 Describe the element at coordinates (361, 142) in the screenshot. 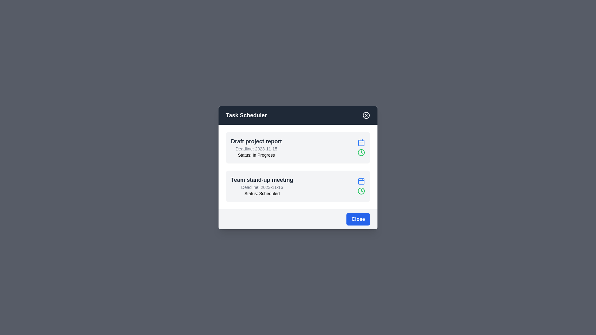

I see `the calendar icon for the task Draft project report` at that location.